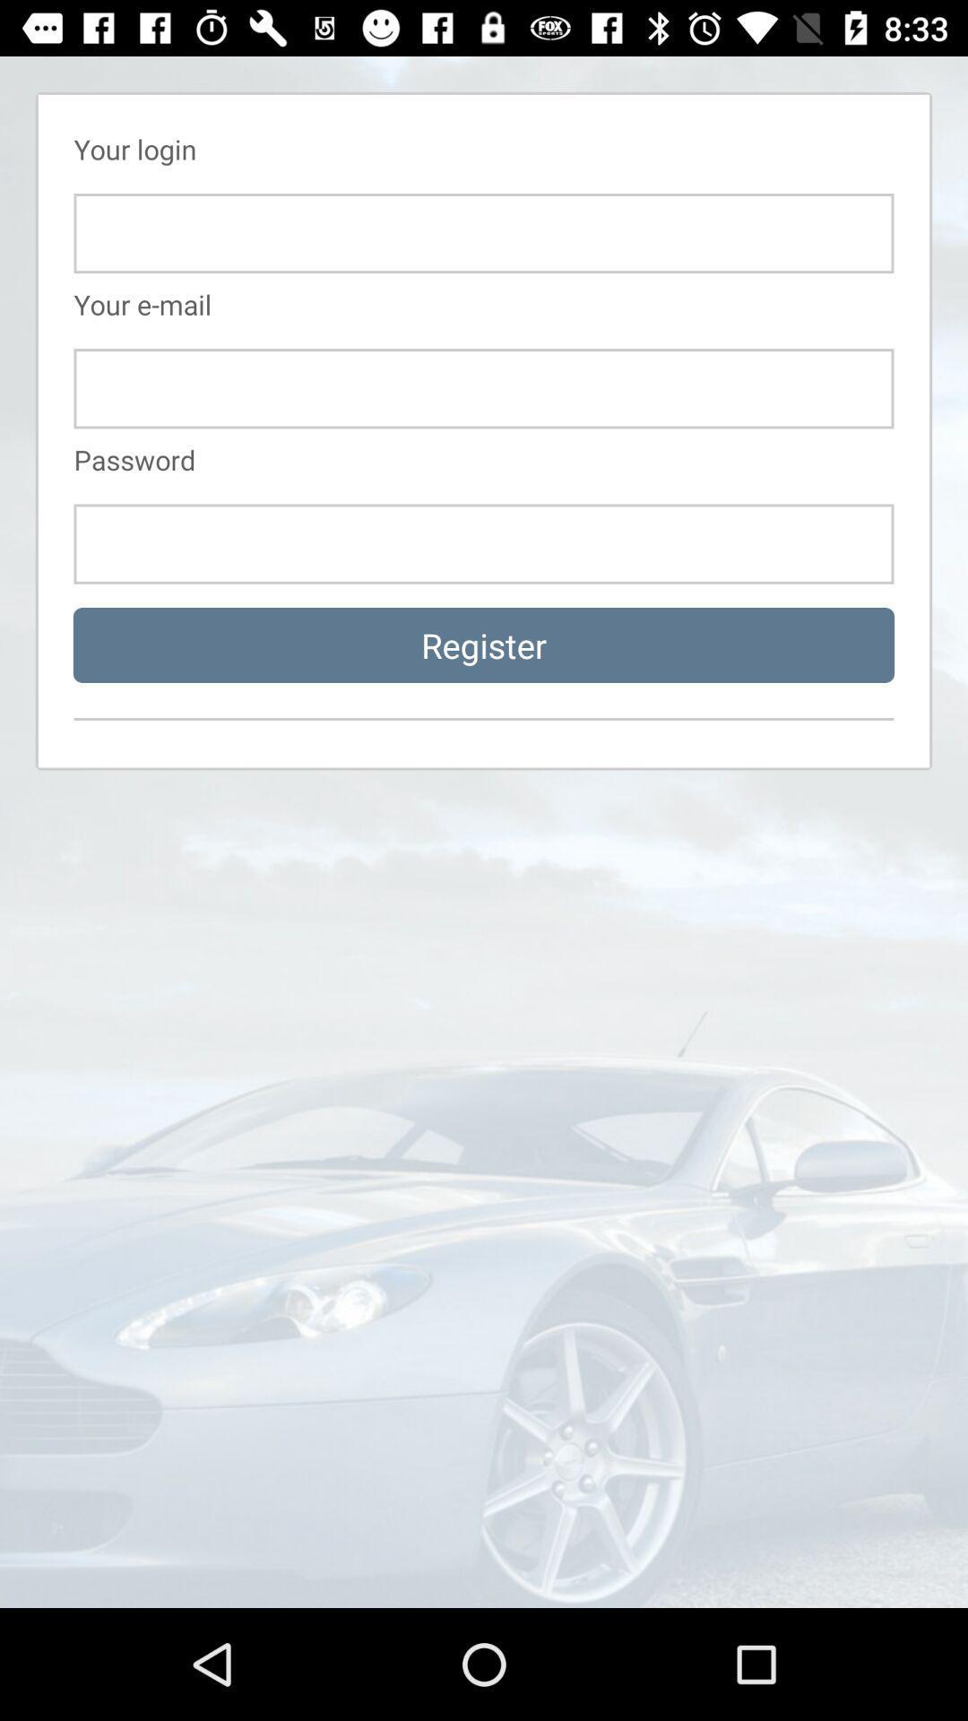 Image resolution: width=968 pixels, height=1721 pixels. I want to click on password entry, so click(484, 543).